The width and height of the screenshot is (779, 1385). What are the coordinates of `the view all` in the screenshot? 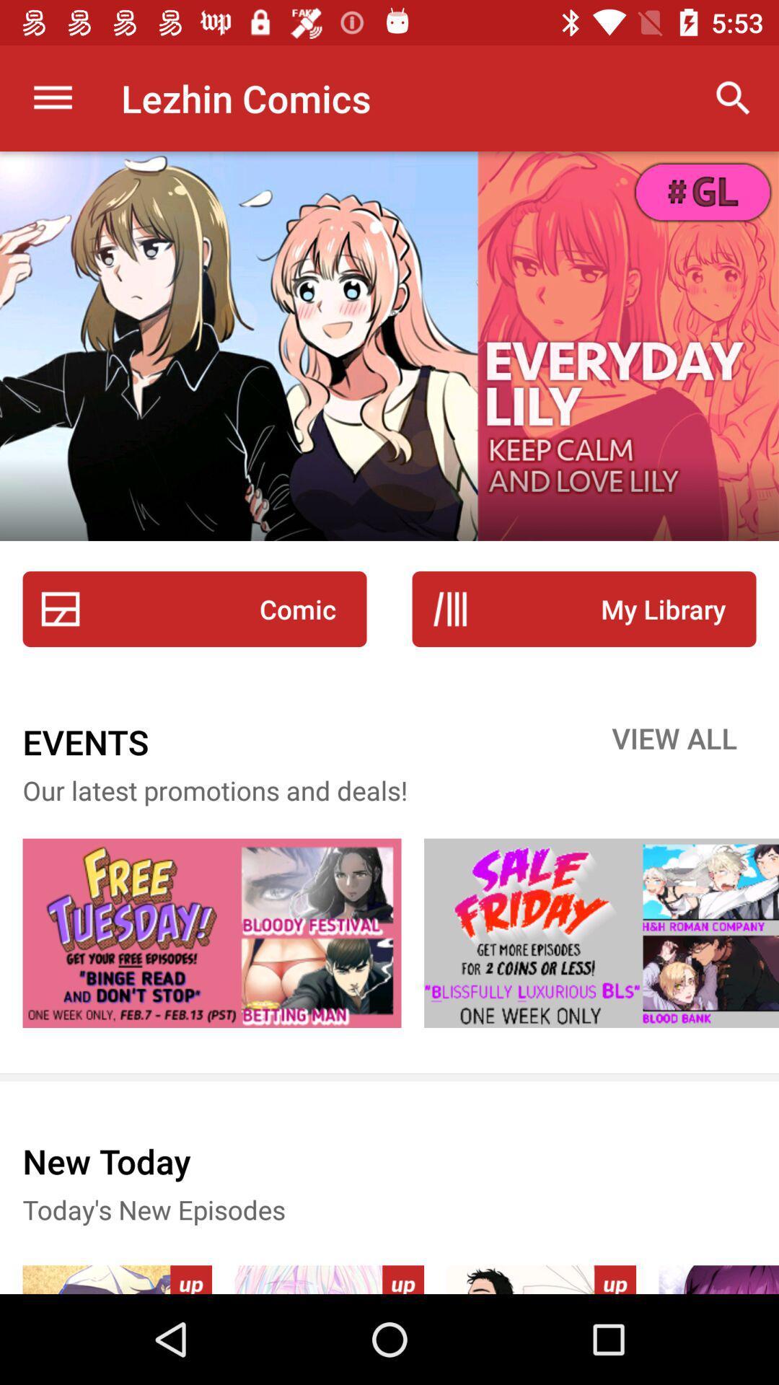 It's located at (674, 742).